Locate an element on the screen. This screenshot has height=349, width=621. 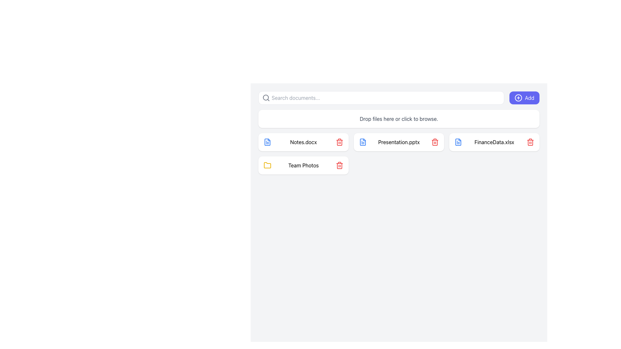
the file icon representing 'Presentation.pptx' located to the left of the file label text is located at coordinates (363, 142).